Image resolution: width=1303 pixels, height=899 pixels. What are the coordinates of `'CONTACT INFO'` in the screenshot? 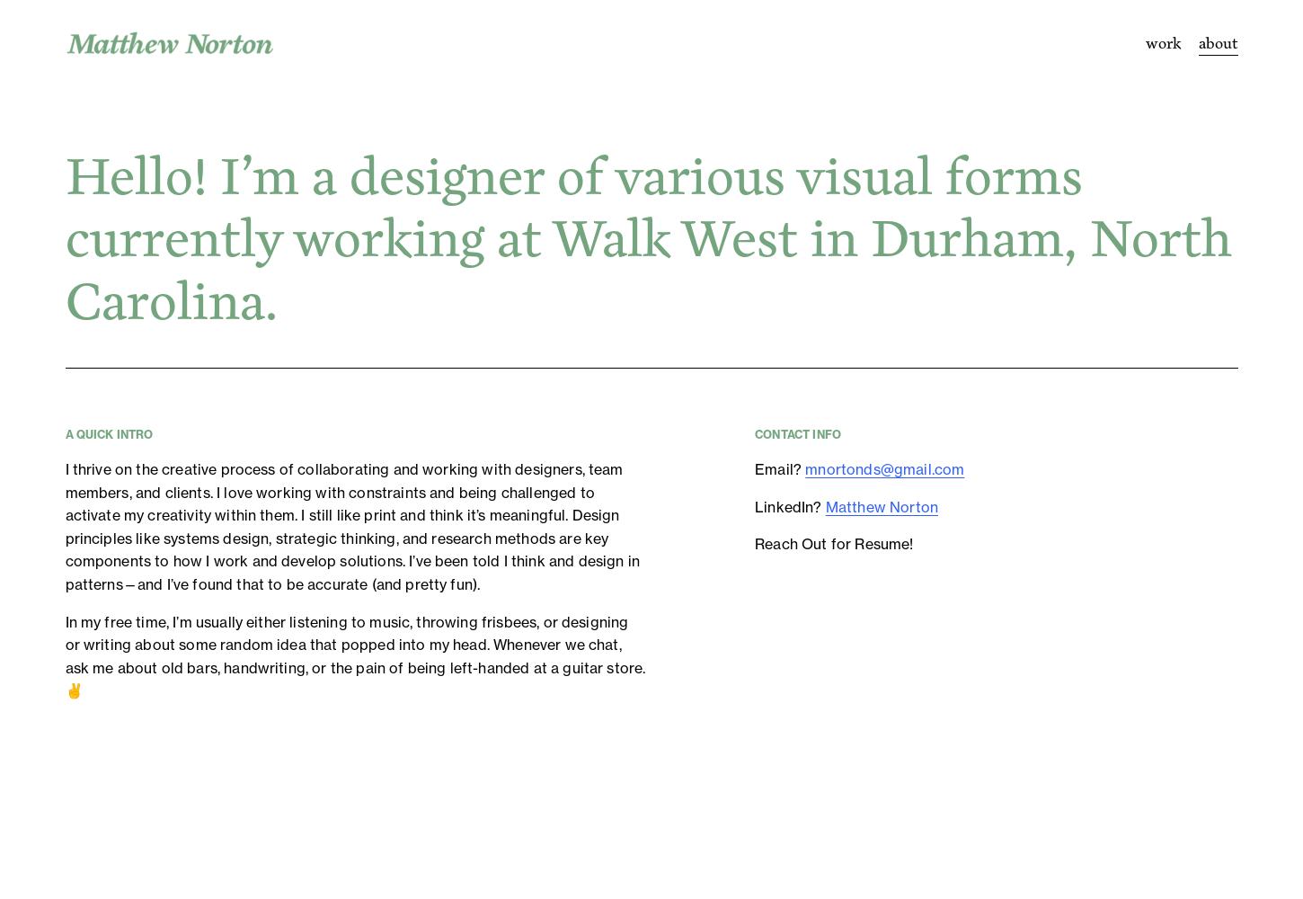 It's located at (754, 433).